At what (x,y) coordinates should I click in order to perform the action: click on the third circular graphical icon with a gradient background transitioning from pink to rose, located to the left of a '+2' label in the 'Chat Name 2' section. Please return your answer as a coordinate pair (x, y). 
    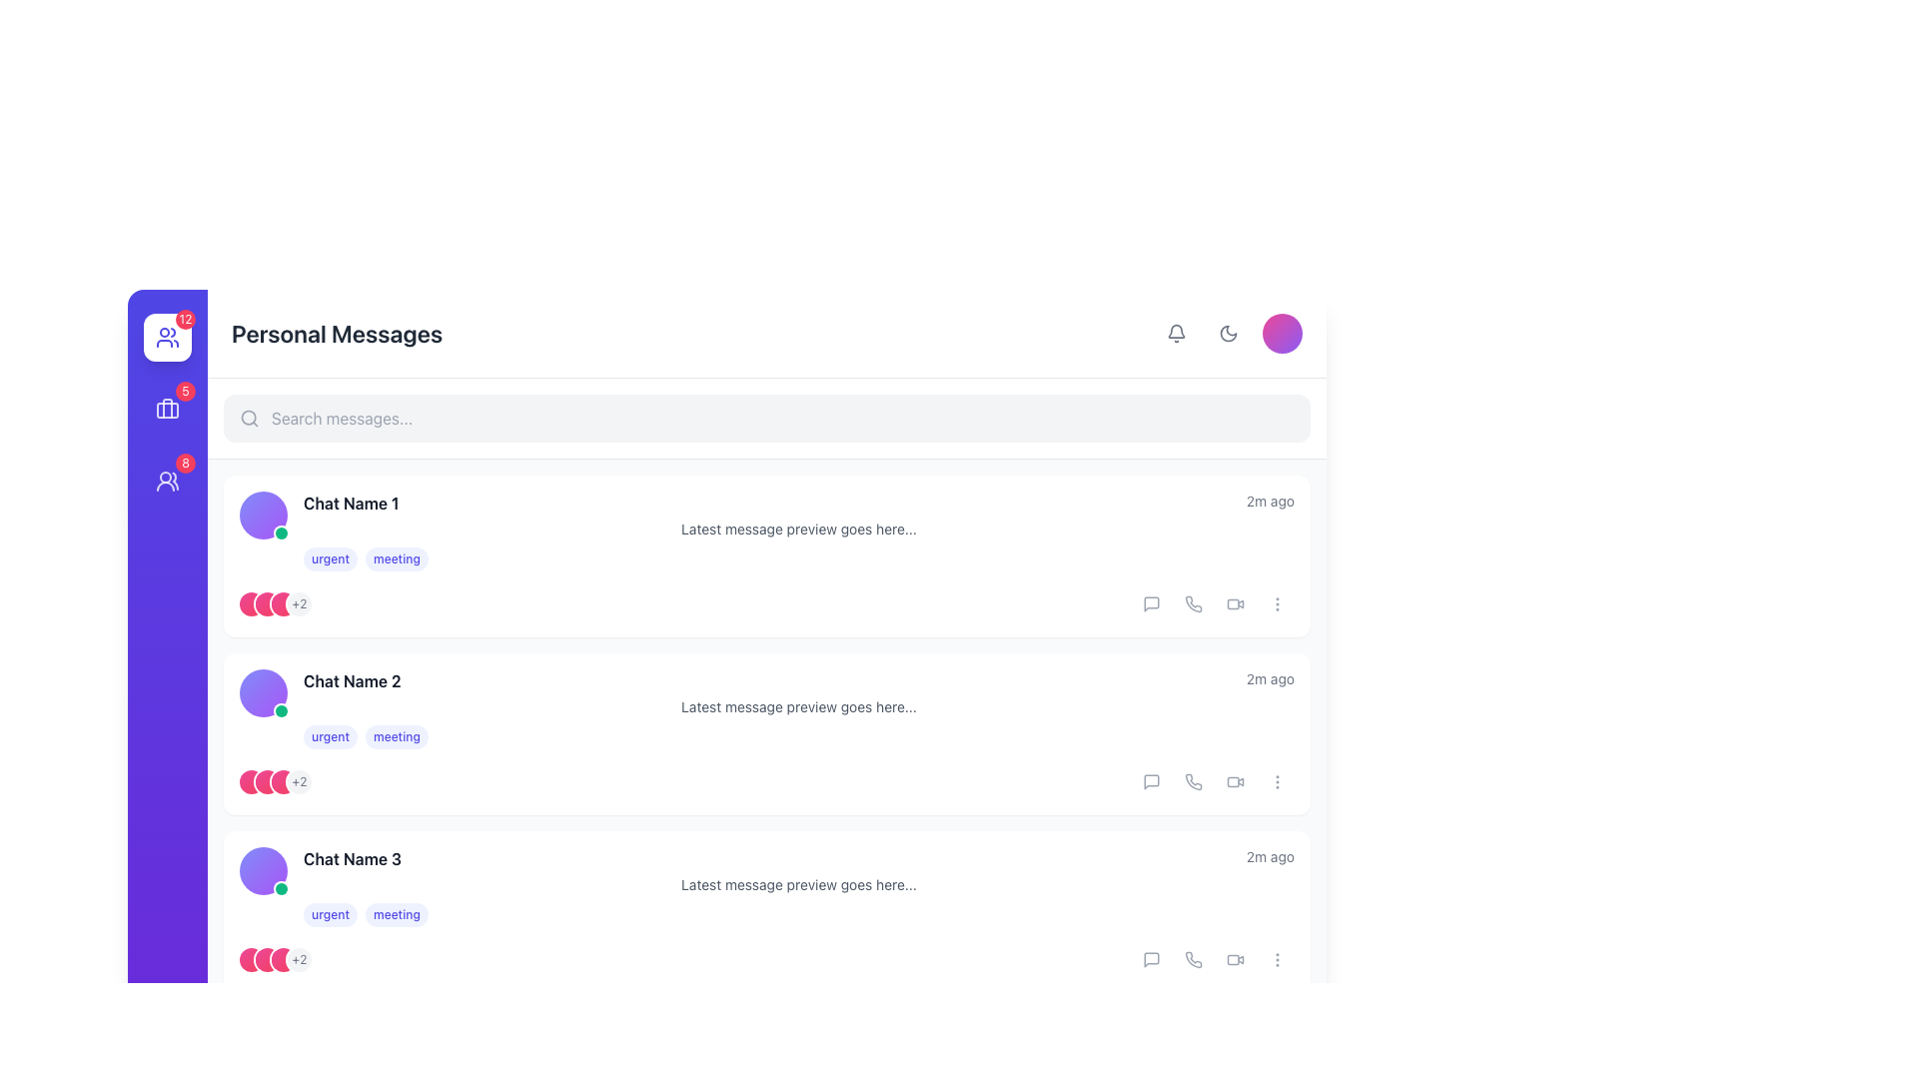
    Looking at the image, I should click on (282, 781).